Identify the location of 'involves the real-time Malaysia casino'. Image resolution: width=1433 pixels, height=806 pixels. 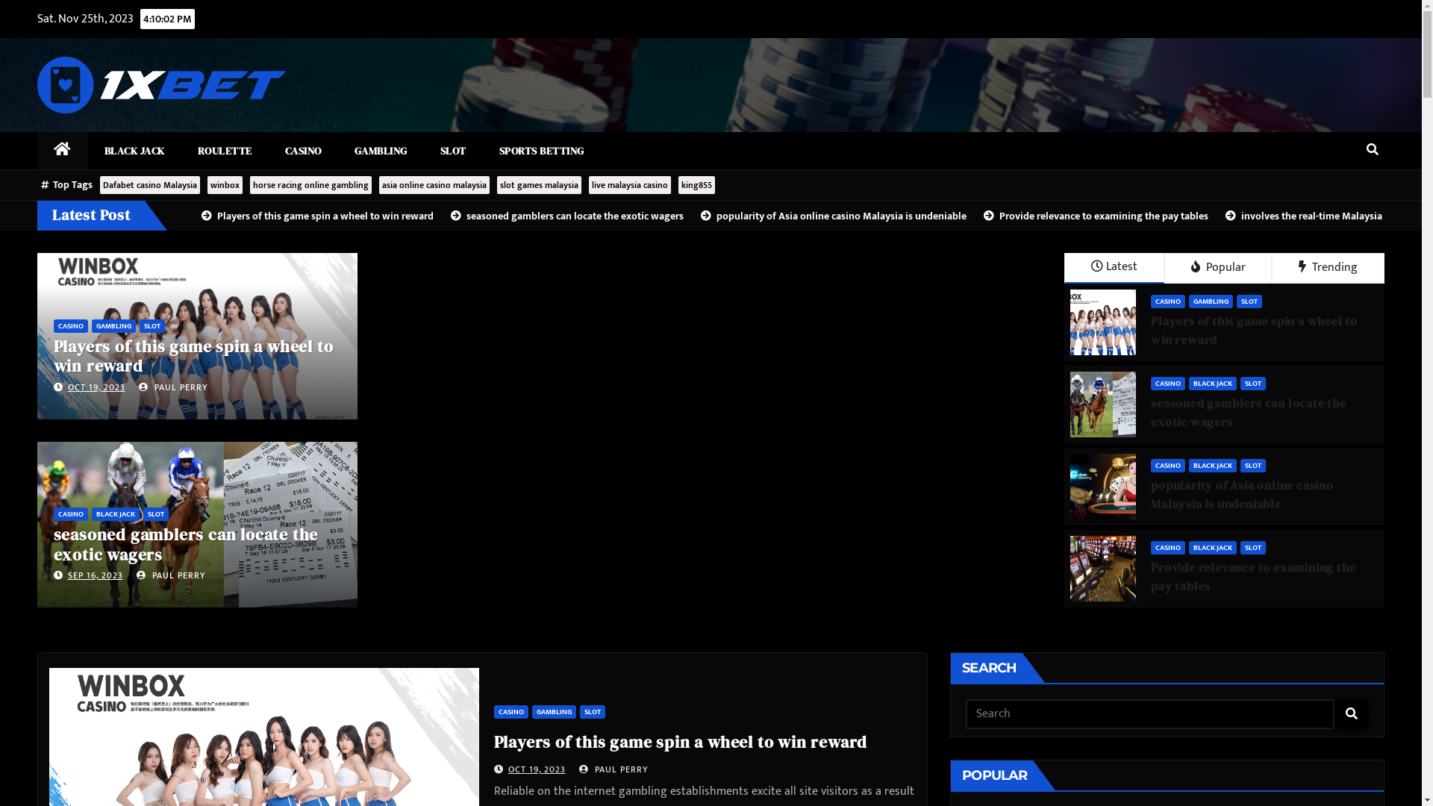
(1311, 216).